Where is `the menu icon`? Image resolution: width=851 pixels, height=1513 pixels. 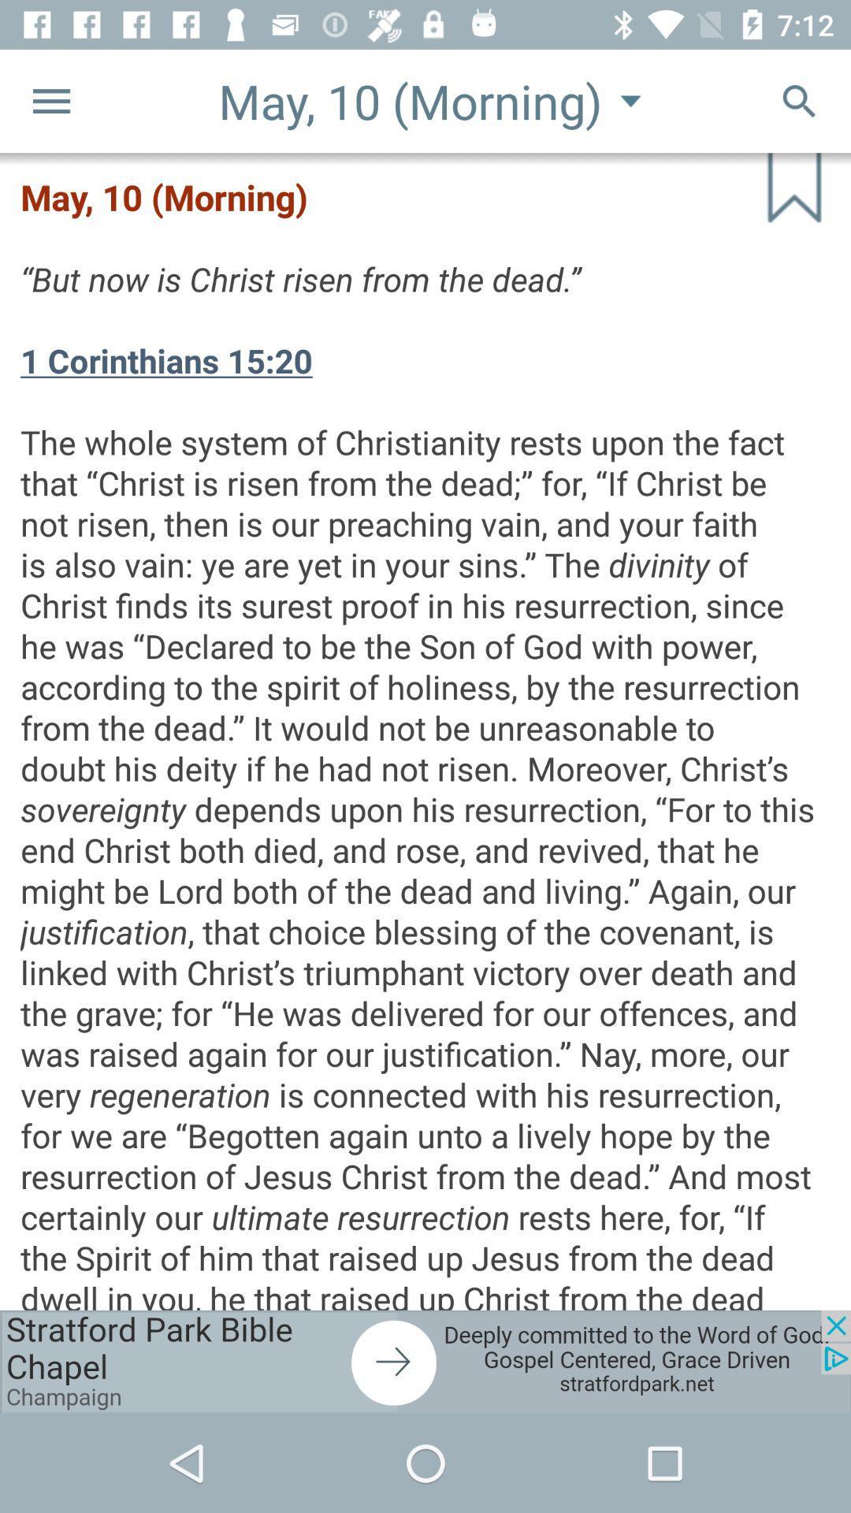 the menu icon is located at coordinates (50, 100).